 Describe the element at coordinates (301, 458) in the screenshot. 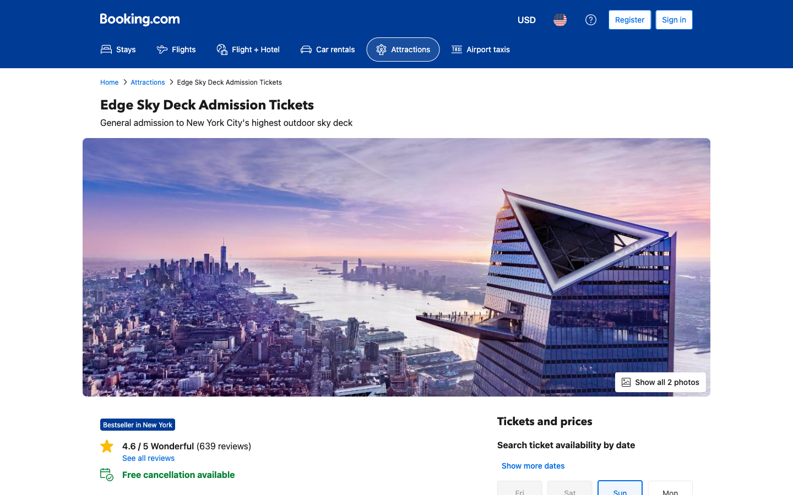

I see `all Reviews section` at that location.